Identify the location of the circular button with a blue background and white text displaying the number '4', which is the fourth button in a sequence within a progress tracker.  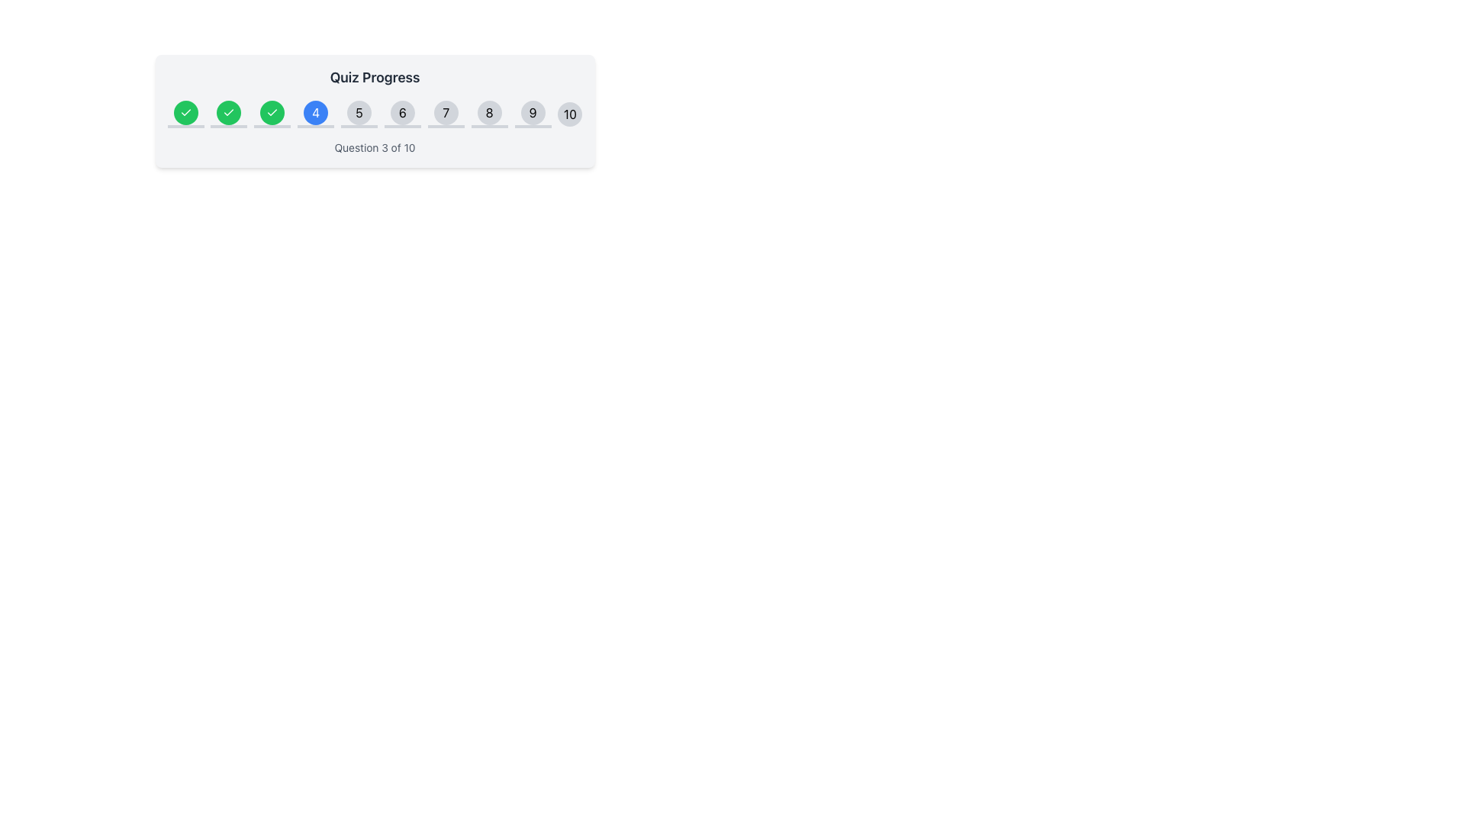
(315, 111).